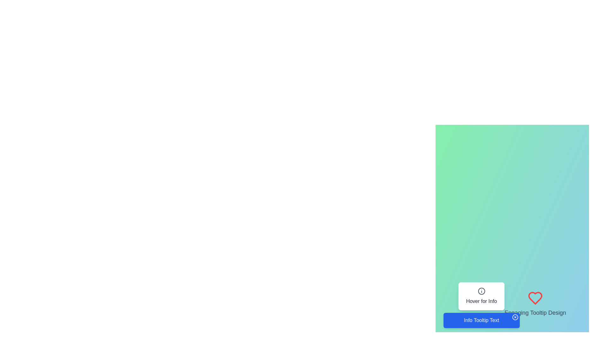 The width and height of the screenshot is (610, 343). Describe the element at coordinates (535, 312) in the screenshot. I see `the informative text label located at the bottom-right portion of the interface, directly underneath a decorative heart icon and visually separate from buttons` at that location.